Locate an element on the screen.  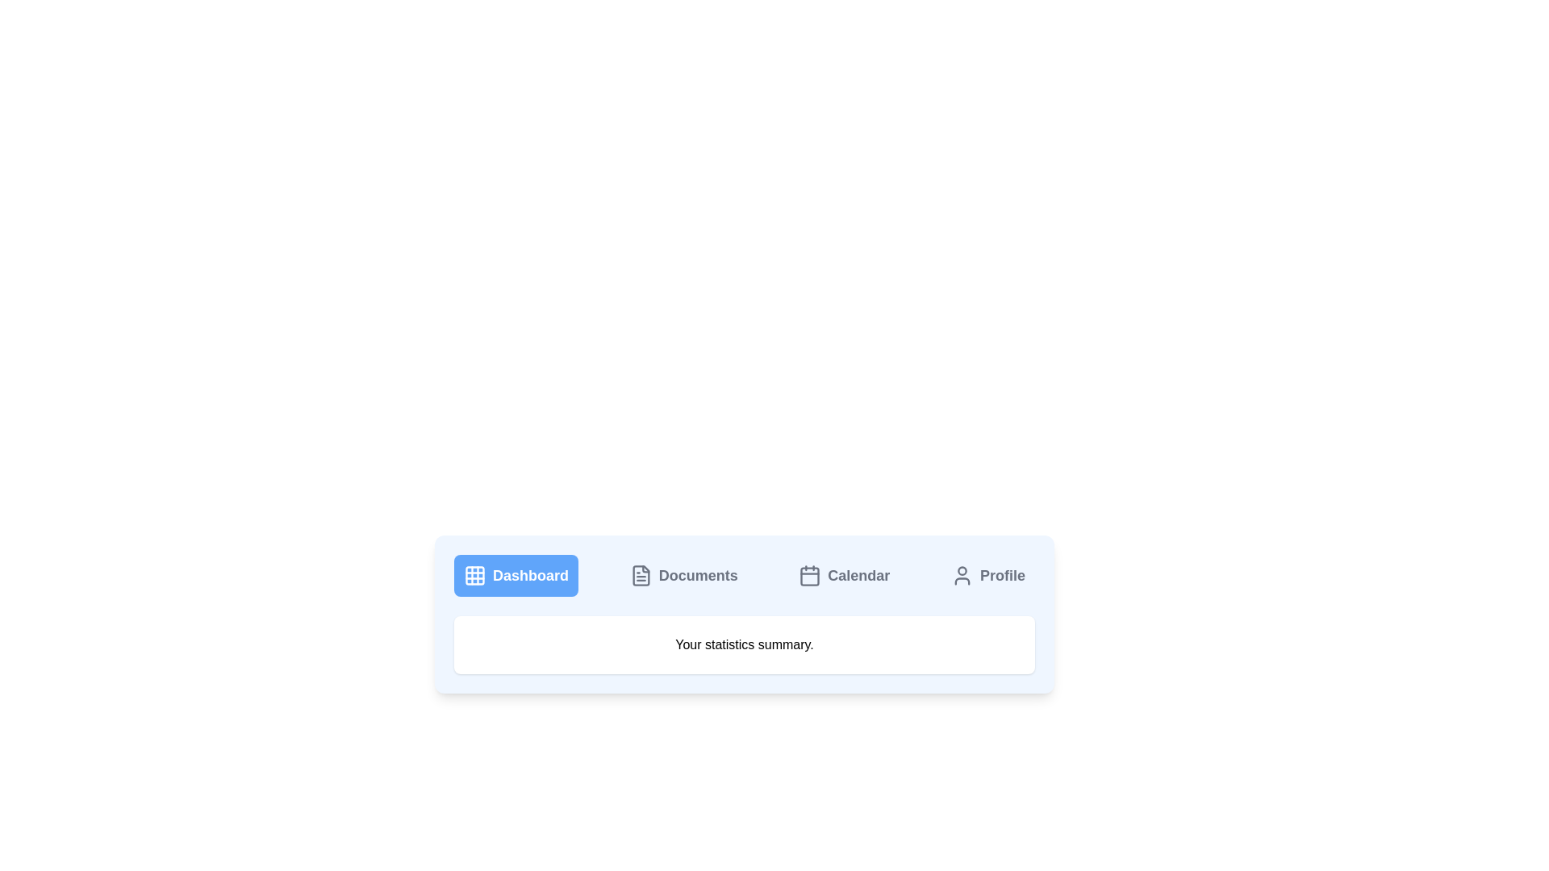
the 'Calendar' text label in the navigation bar located near the bottom center of the viewport is located at coordinates (858, 574).